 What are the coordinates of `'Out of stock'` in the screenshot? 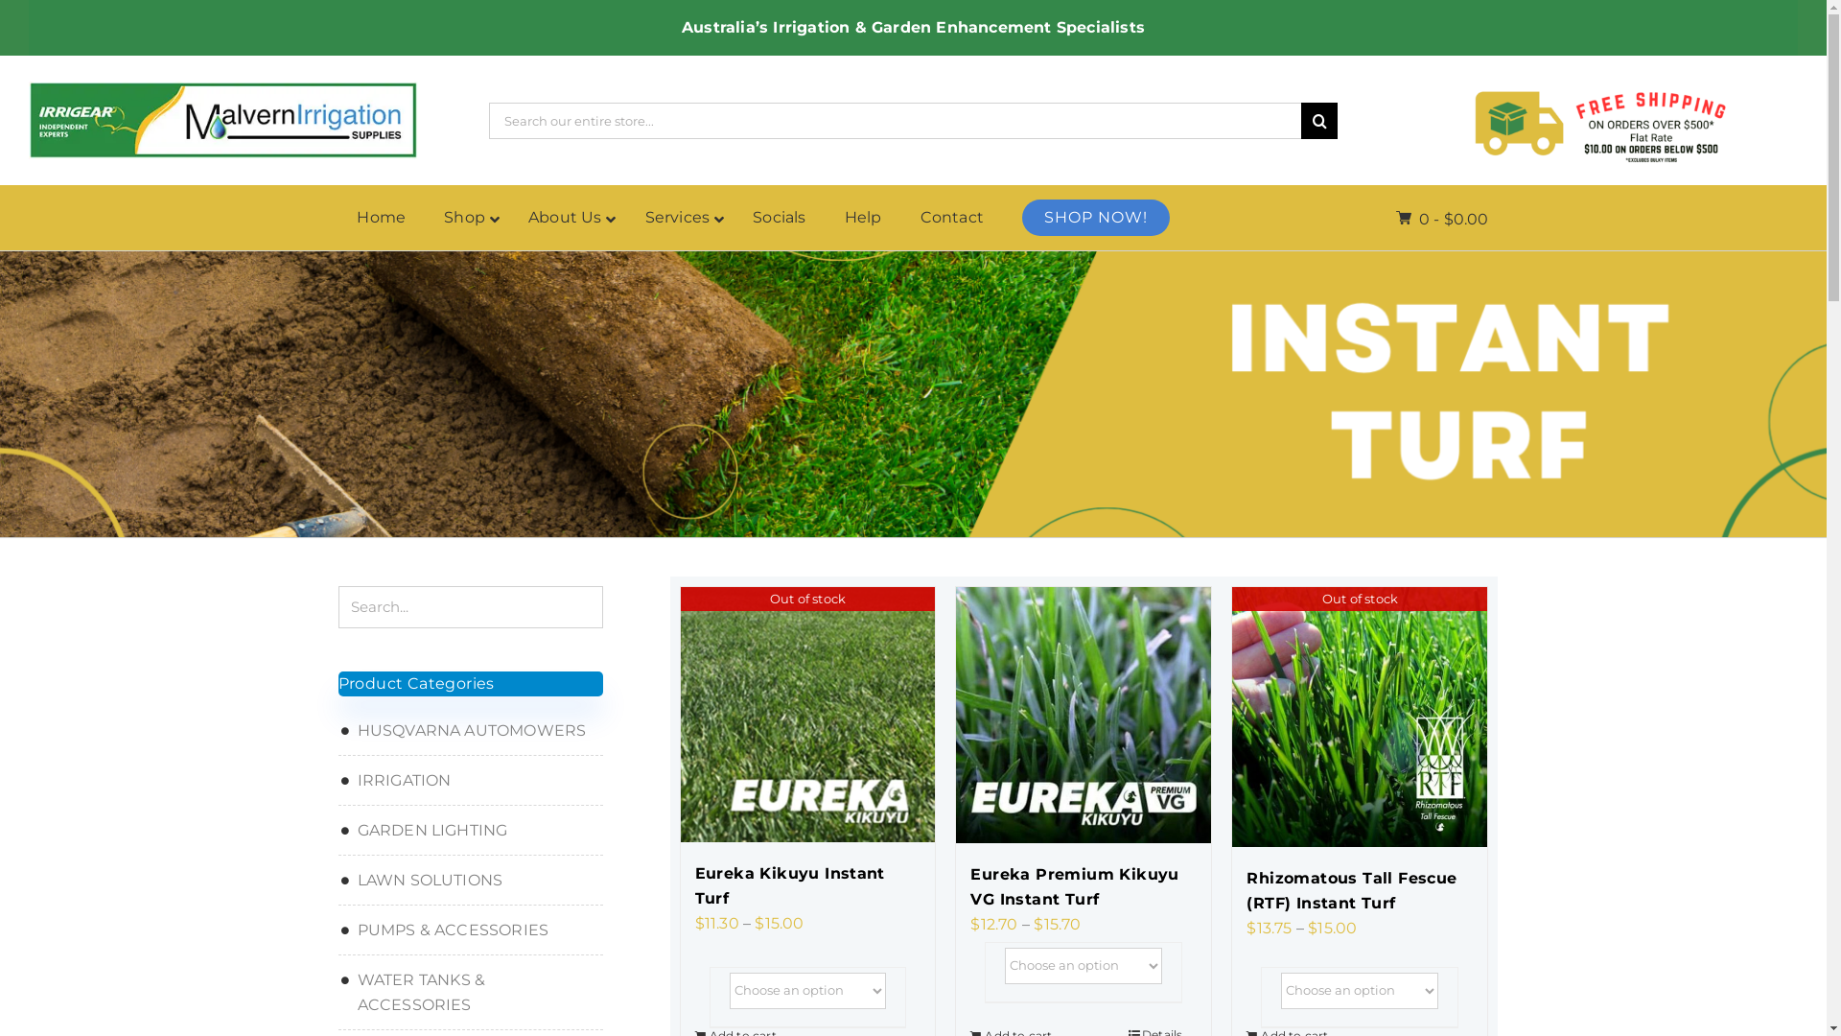 It's located at (1232, 717).